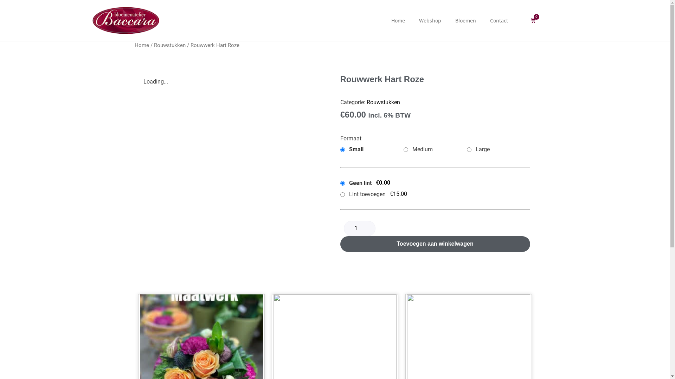 This screenshot has width=675, height=379. I want to click on 'Rouwstukken', so click(382, 102).